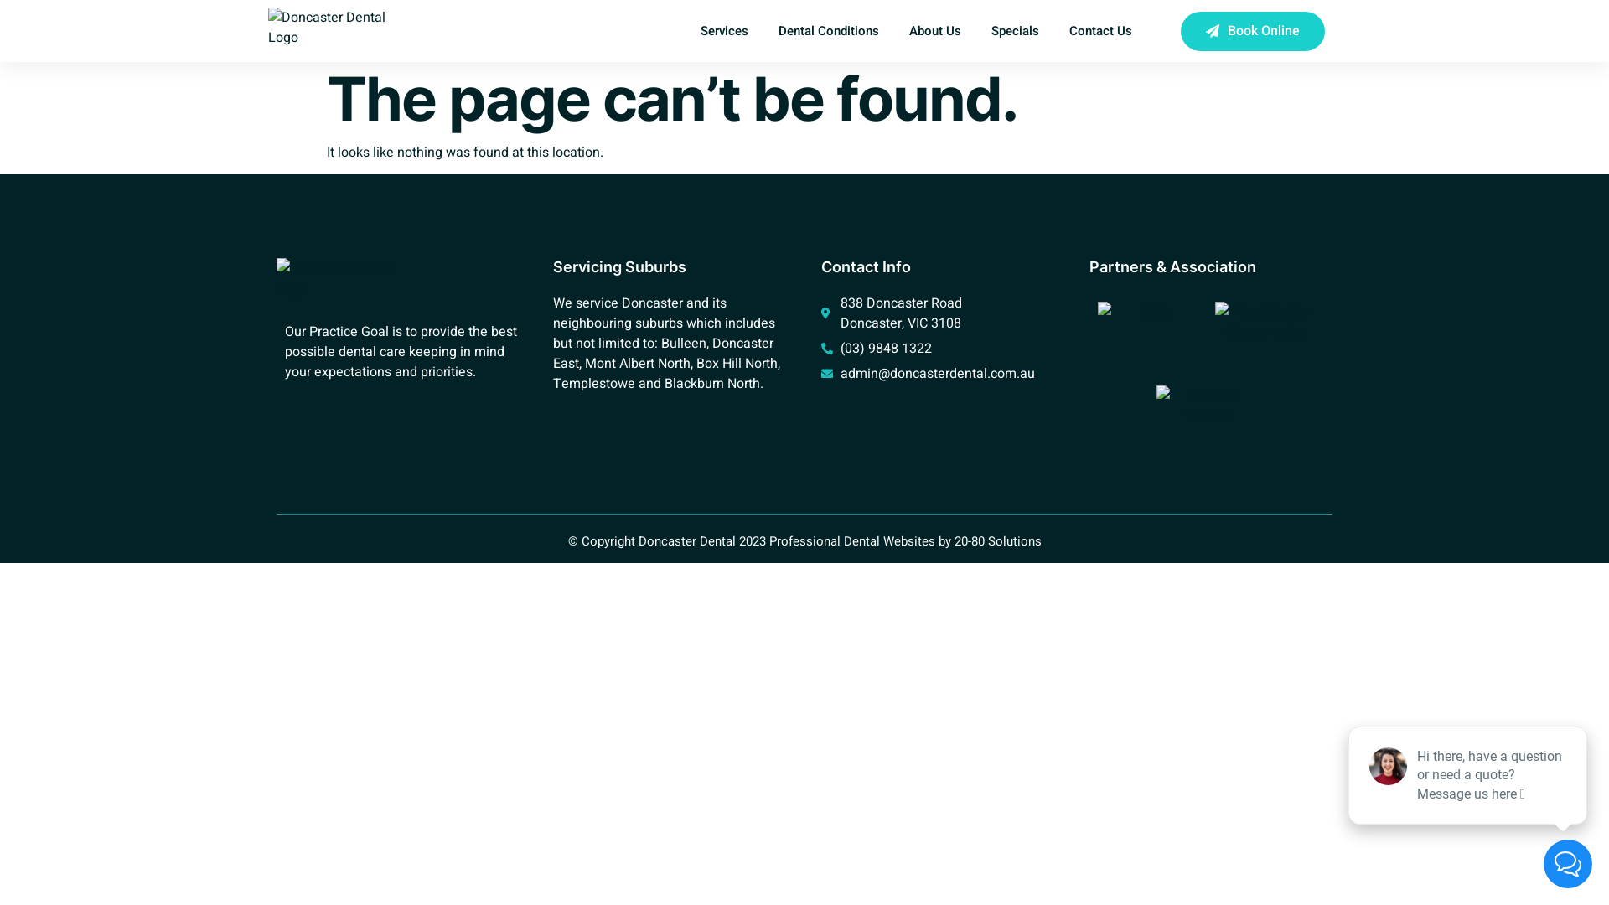 The image size is (1609, 905). What do you see at coordinates (937, 313) in the screenshot?
I see `'838 Doncaster Road` at bounding box center [937, 313].